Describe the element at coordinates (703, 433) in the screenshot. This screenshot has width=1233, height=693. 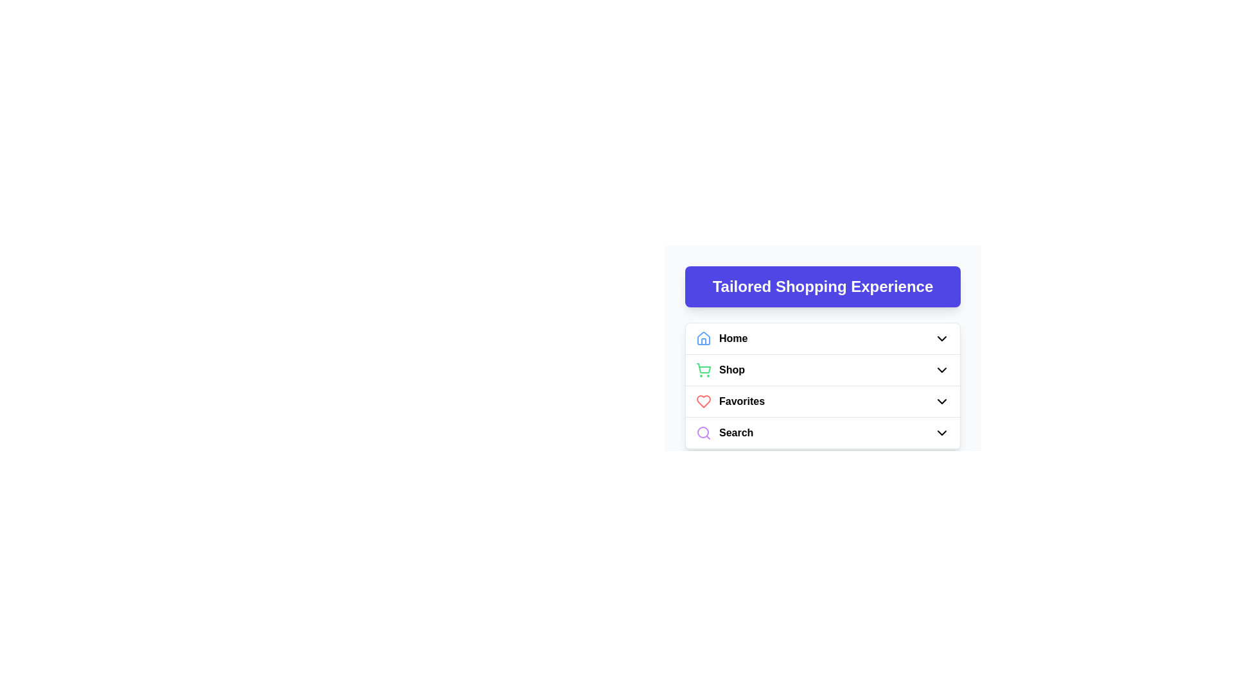
I see `the purple search icon, which is a magnifying glass outline, to initiate the search` at that location.